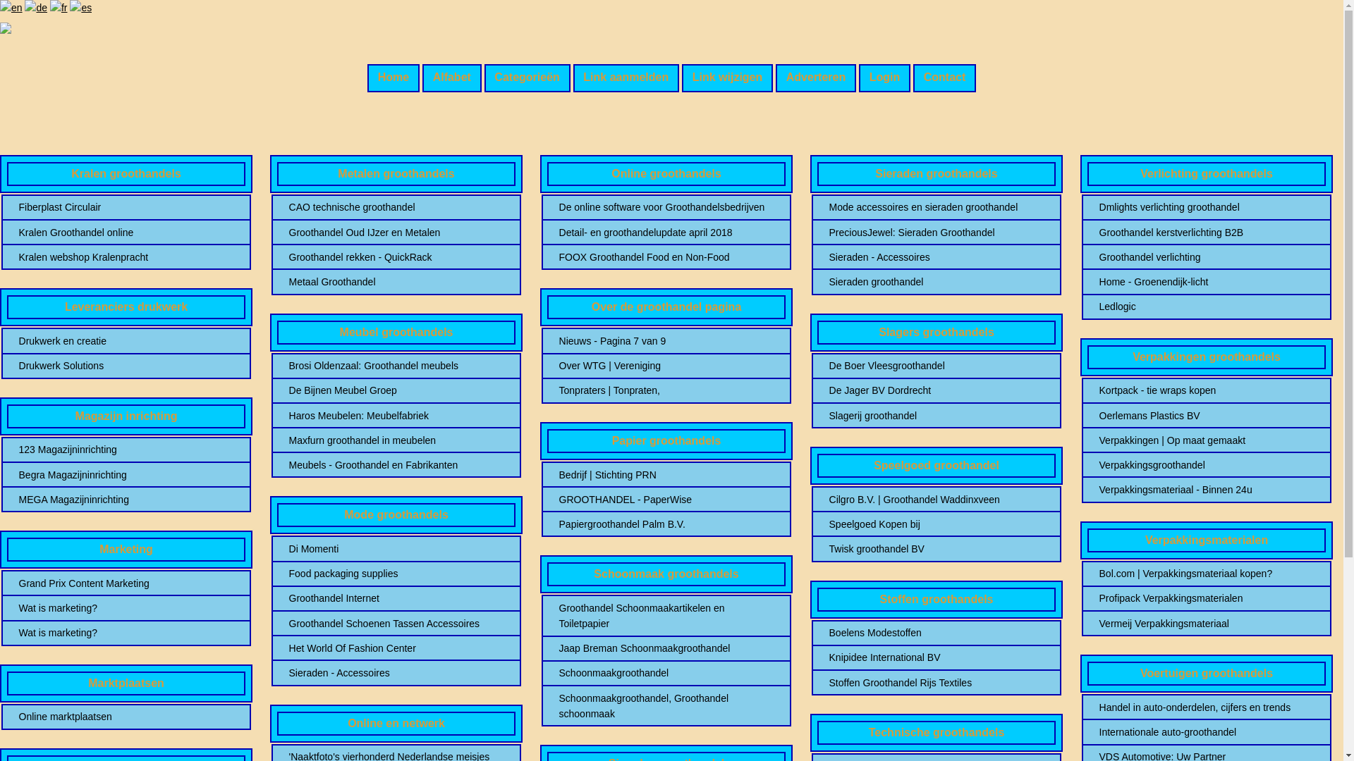 The width and height of the screenshot is (1354, 761). Describe the element at coordinates (288, 257) in the screenshot. I see `'Groothandel rekken - QuickRack'` at that location.